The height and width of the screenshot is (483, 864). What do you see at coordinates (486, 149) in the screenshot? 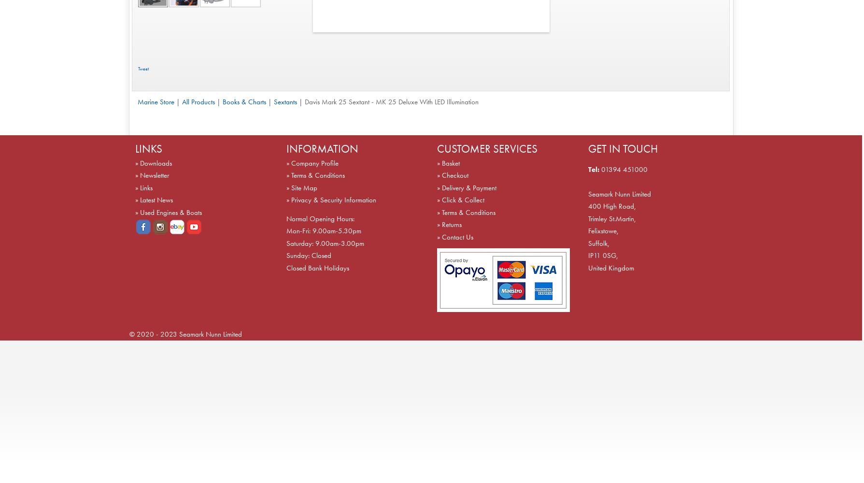
I see `'CUSTOMER SERVICES'` at bounding box center [486, 149].